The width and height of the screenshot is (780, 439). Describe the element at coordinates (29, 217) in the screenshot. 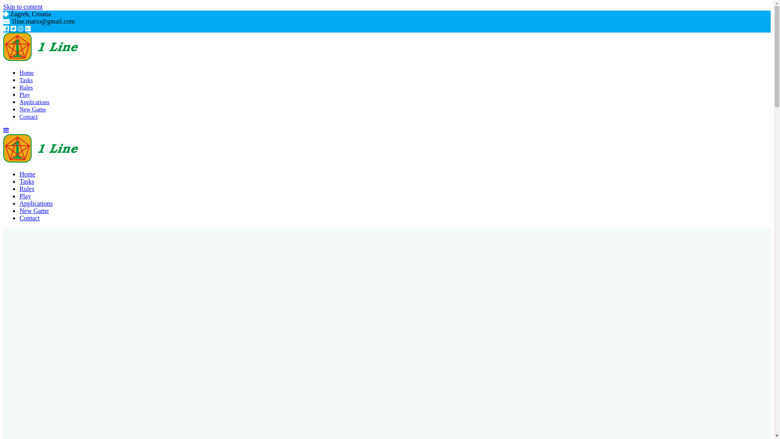

I see `'Contact'` at that location.